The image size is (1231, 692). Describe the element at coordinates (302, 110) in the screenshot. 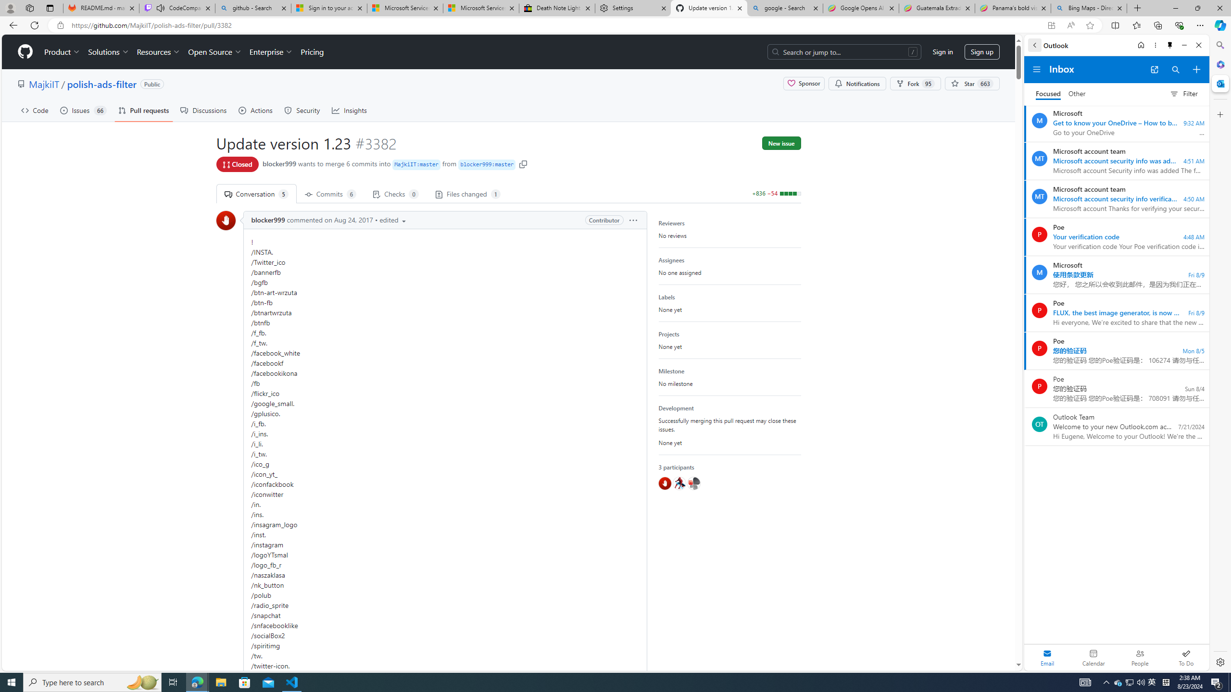

I see `'Security'` at that location.